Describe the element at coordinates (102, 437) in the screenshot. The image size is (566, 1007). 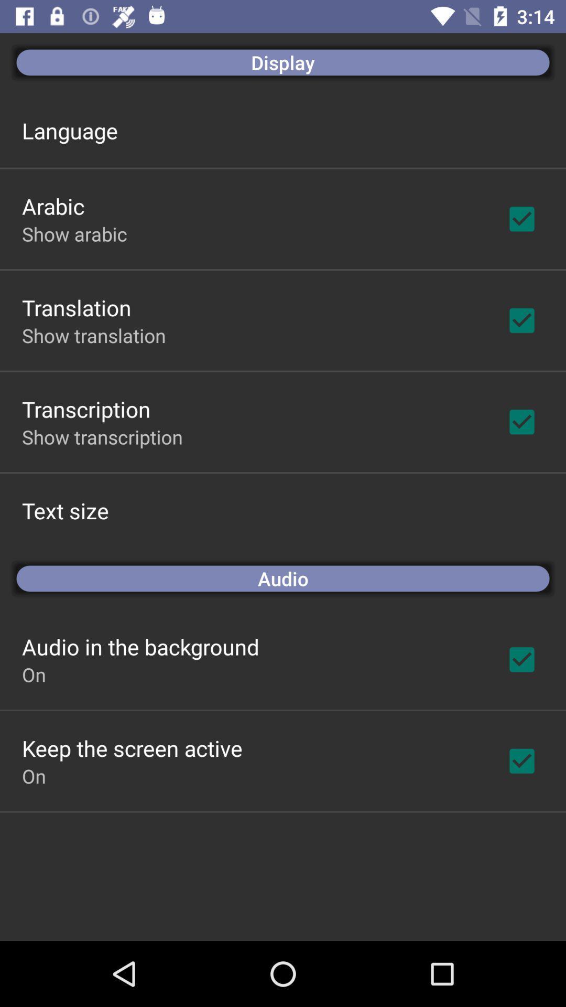
I see `icon above text size` at that location.